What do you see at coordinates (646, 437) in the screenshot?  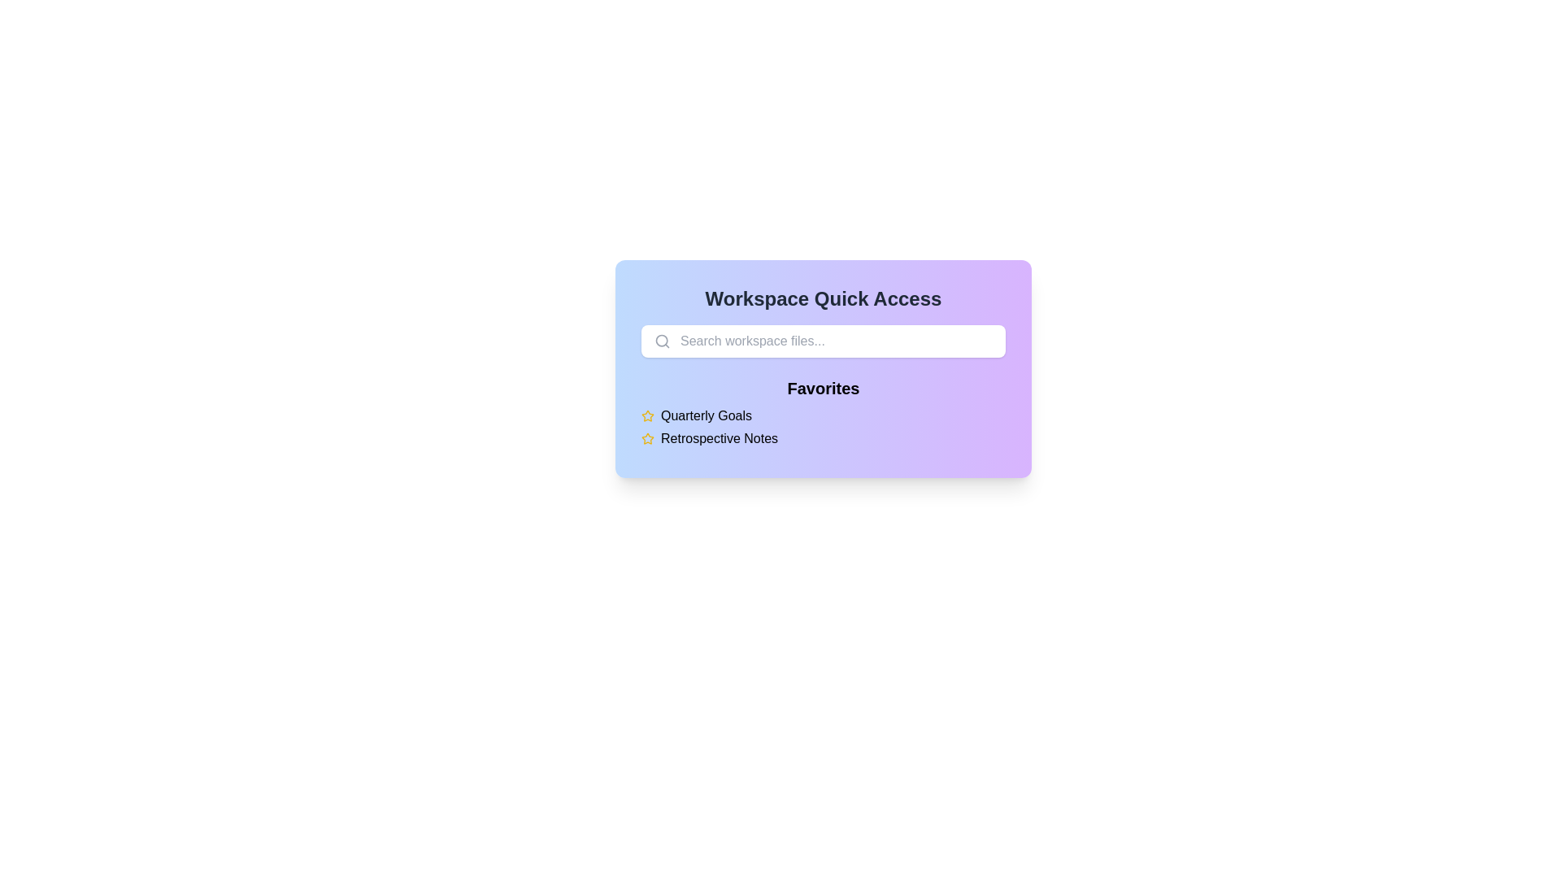 I see `the yellow star-shaped icon located to the left of the text 'Quarterly Goals' in the Favorites section of the card-like interface` at bounding box center [646, 437].